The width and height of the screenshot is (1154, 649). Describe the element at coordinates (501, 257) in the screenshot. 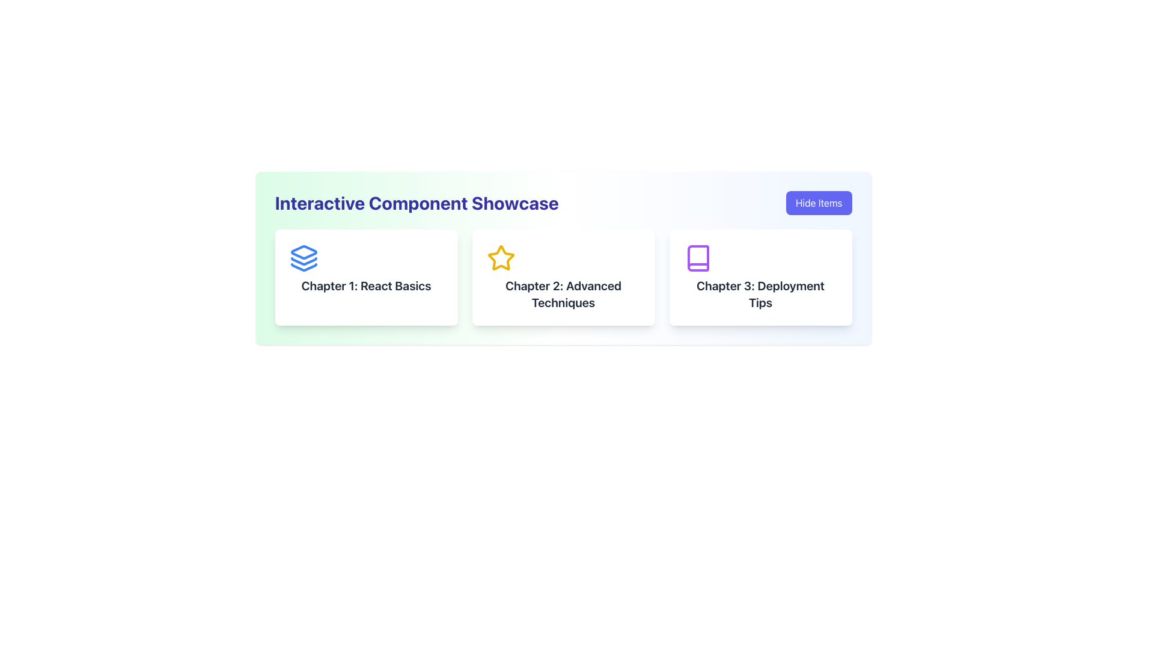

I see `the star-shaped icon outlined in yellow, located centrally within the second card under the caption 'Chapter 2: Advanced Techniques'` at that location.